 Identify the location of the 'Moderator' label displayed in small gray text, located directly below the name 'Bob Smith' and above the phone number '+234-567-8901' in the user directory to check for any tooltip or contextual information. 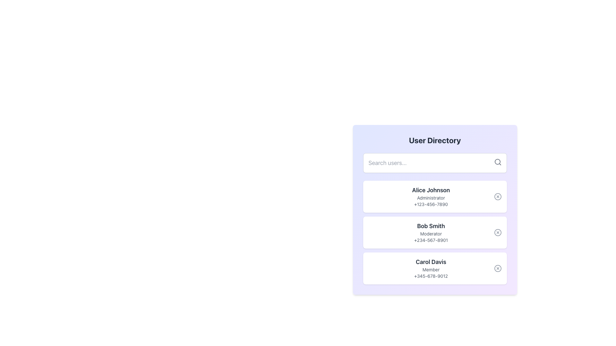
(431, 234).